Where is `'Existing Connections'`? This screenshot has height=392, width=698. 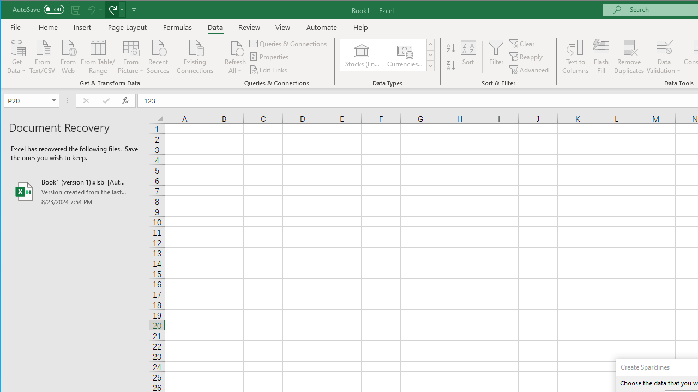
'Existing Connections' is located at coordinates (195, 56).